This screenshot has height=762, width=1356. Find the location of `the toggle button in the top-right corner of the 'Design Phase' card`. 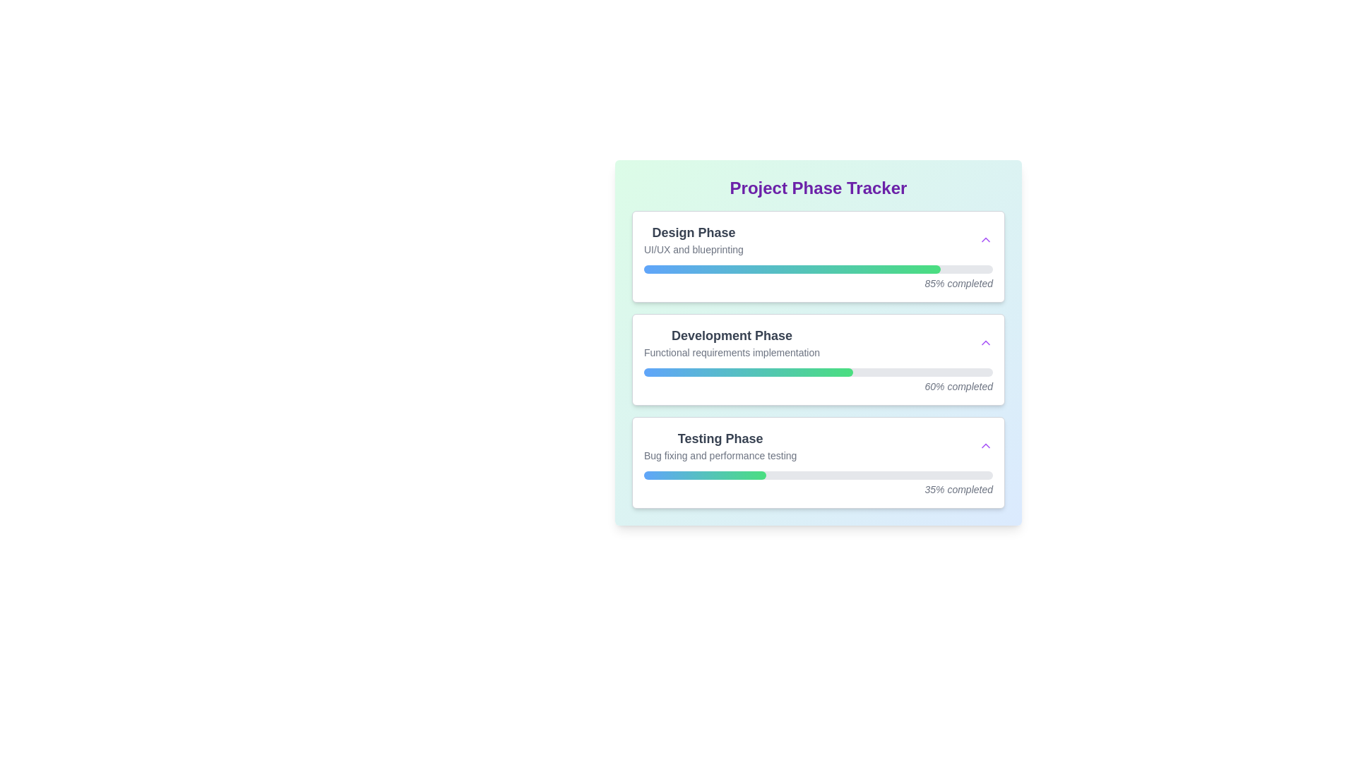

the toggle button in the top-right corner of the 'Design Phase' card is located at coordinates (985, 238).